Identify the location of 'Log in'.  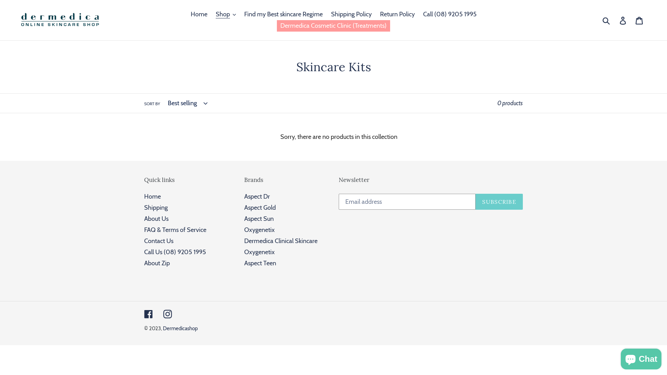
(623, 19).